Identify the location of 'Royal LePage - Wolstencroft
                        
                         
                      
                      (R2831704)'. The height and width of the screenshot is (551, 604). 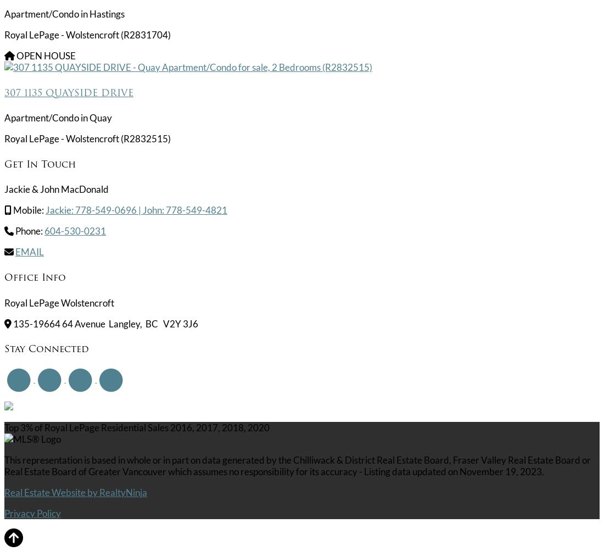
(87, 35).